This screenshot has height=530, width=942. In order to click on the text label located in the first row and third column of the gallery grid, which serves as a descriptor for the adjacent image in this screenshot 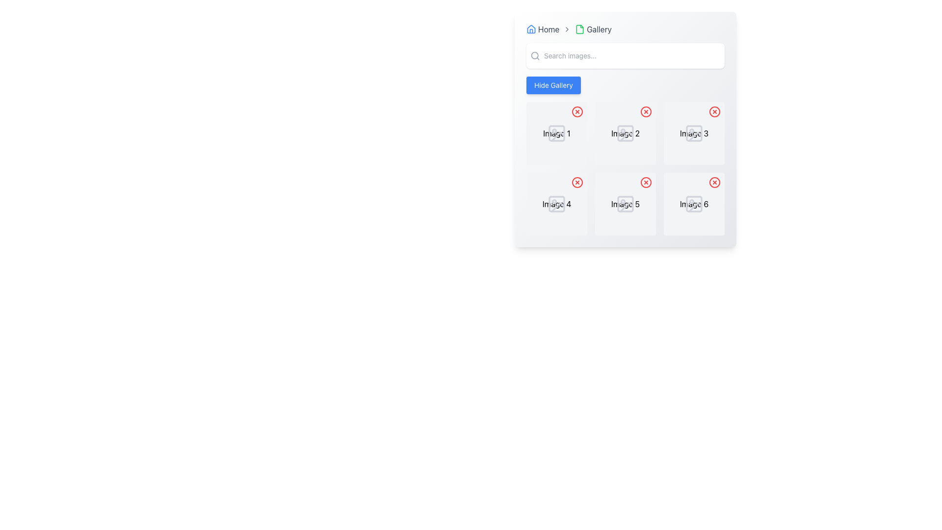, I will do `click(693, 133)`.